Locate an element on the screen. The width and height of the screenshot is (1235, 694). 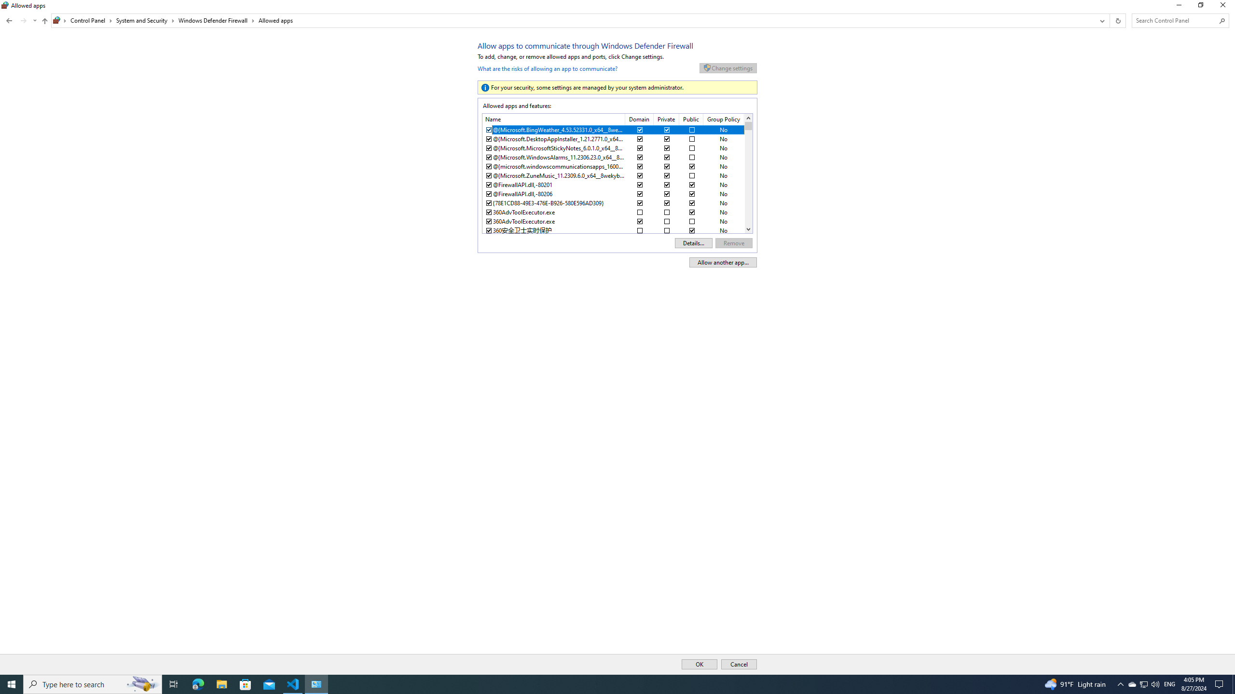
'Restore' is located at coordinates (1200, 7).